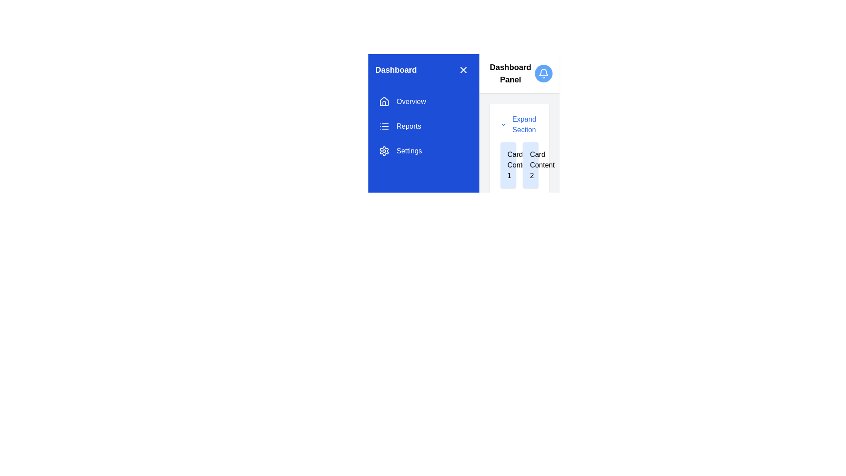  I want to click on the close action icon, represented by an 'X' shaped icon in white over a blue background, located at the top-right corner of the blue sidebar, so click(463, 69).